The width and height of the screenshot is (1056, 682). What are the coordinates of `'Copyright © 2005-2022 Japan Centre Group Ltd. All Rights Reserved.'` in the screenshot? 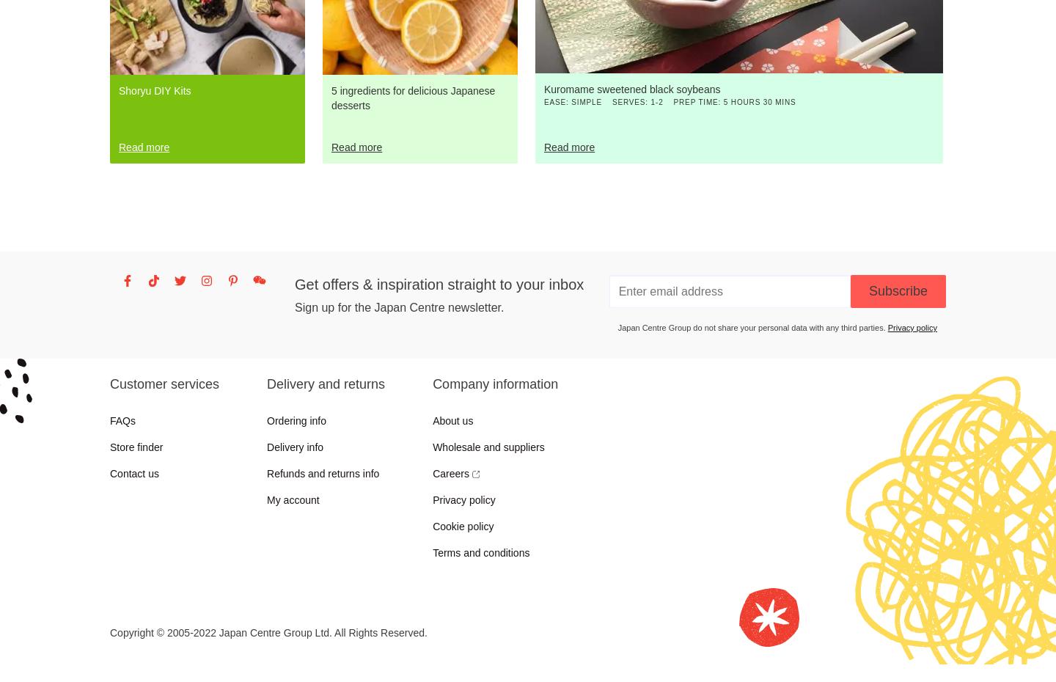 It's located at (268, 632).